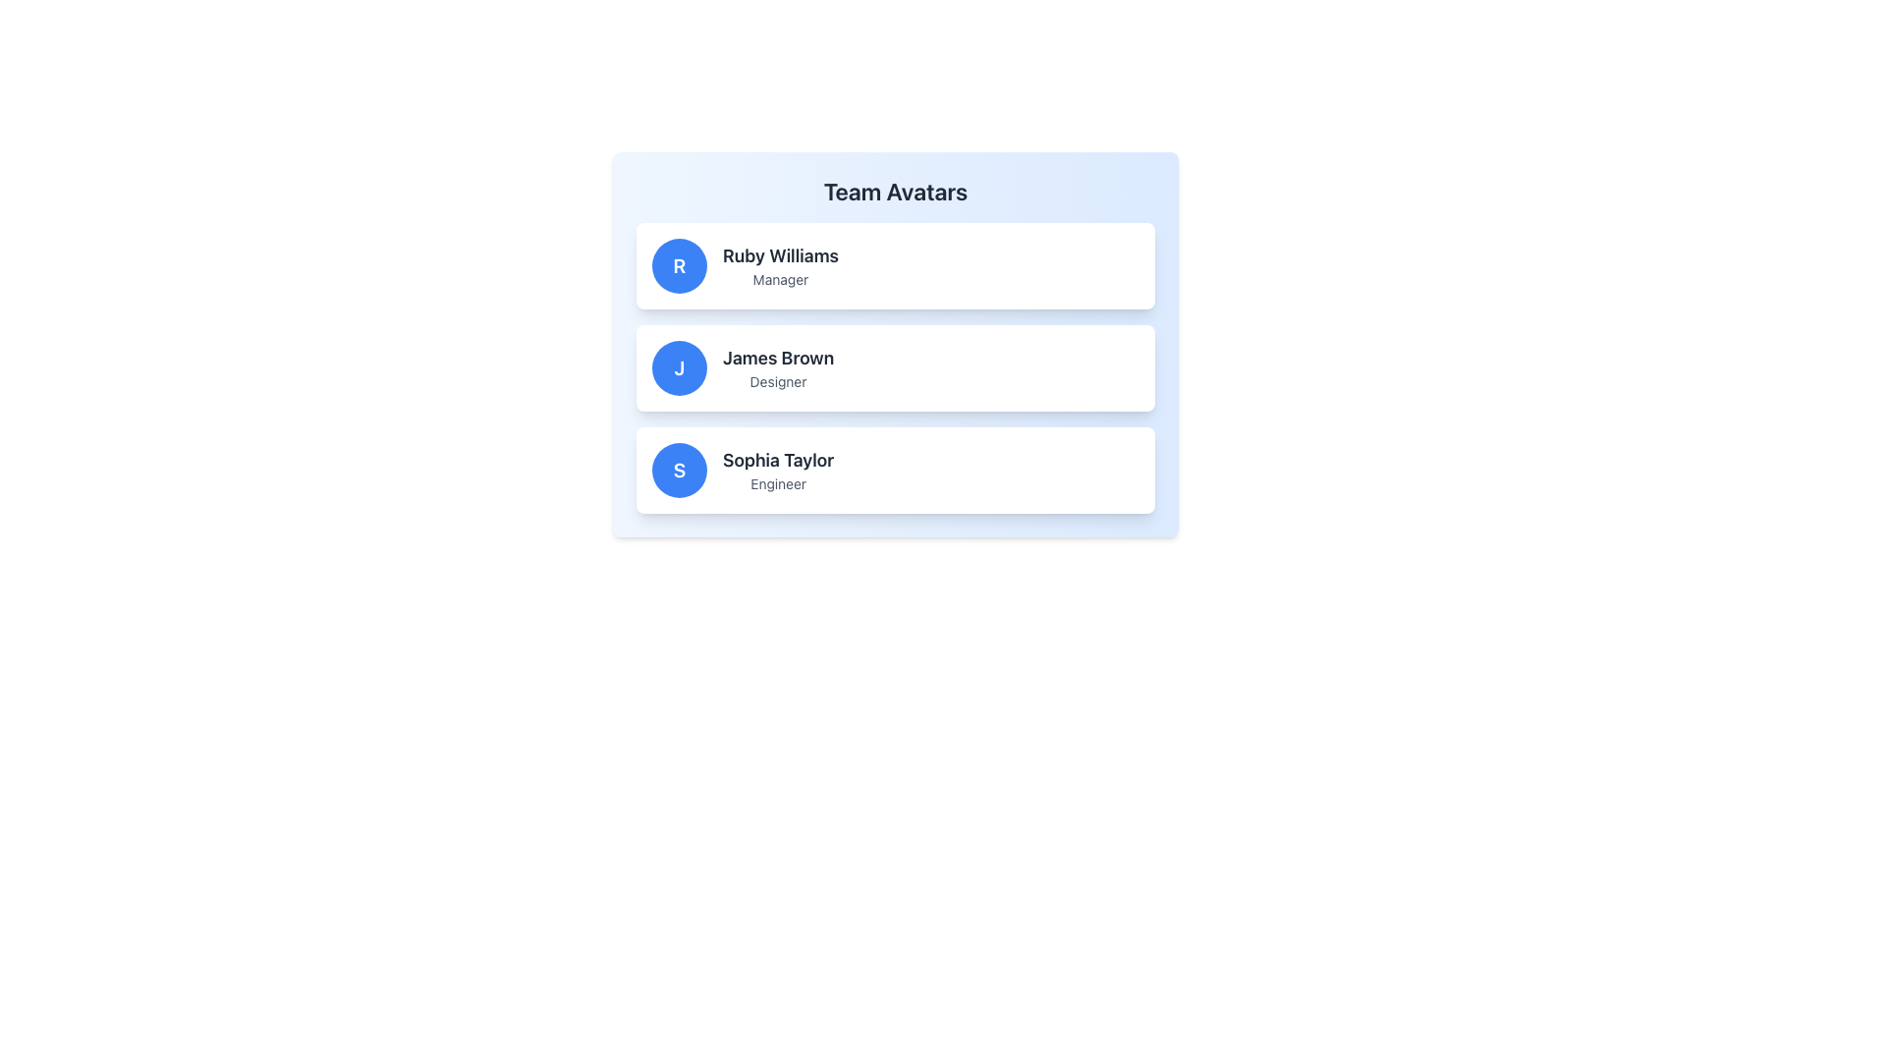 The height and width of the screenshot is (1061, 1886). Describe the element at coordinates (777, 367) in the screenshot. I see `the text block that displays the name and role of a team member, located in the second row of a vertically stacked list, immediately to the right of a circular blue icon with the letter 'J'` at that location.